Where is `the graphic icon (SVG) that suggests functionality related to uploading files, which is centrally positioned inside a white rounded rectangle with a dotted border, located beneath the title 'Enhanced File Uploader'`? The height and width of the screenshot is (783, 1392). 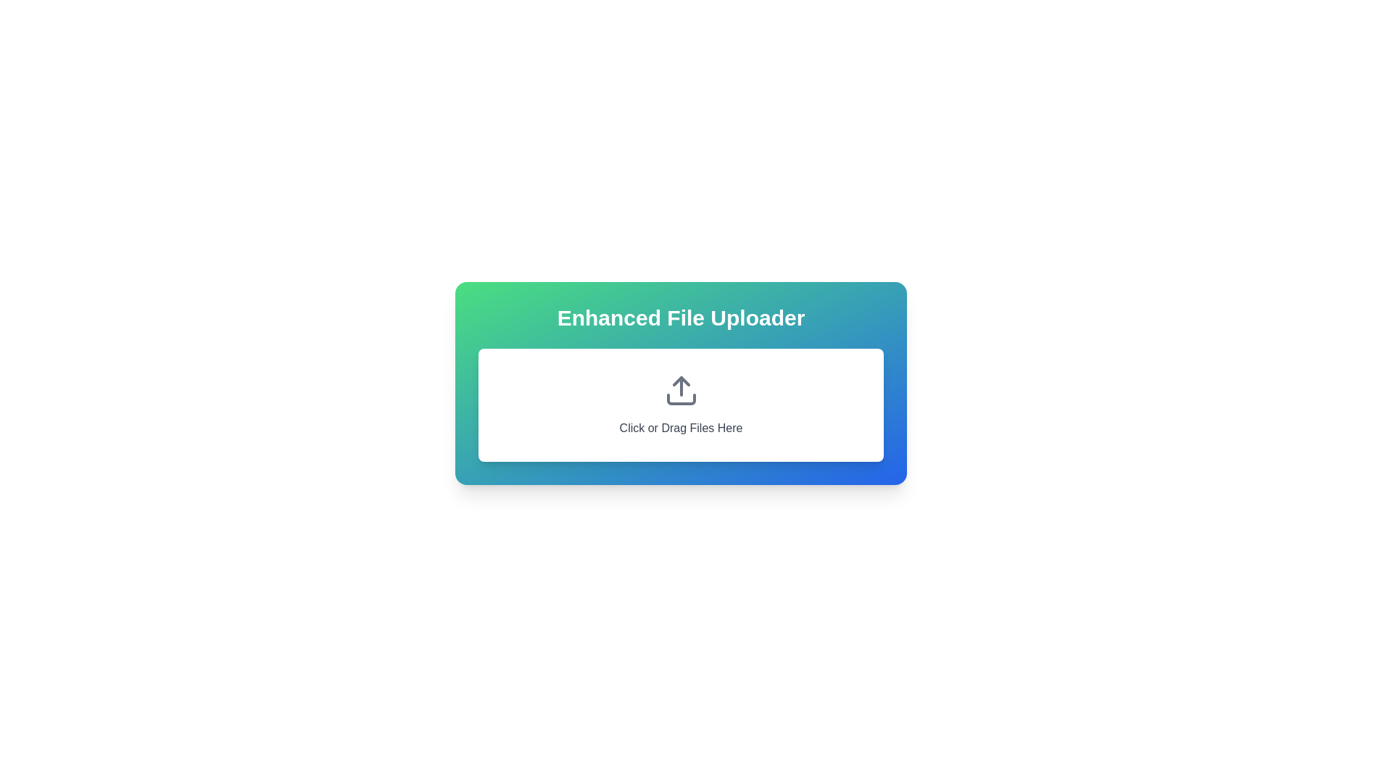 the graphic icon (SVG) that suggests functionality related to uploading files, which is centrally positioned inside a white rounded rectangle with a dotted border, located beneath the title 'Enhanced File Uploader' is located at coordinates (680, 390).